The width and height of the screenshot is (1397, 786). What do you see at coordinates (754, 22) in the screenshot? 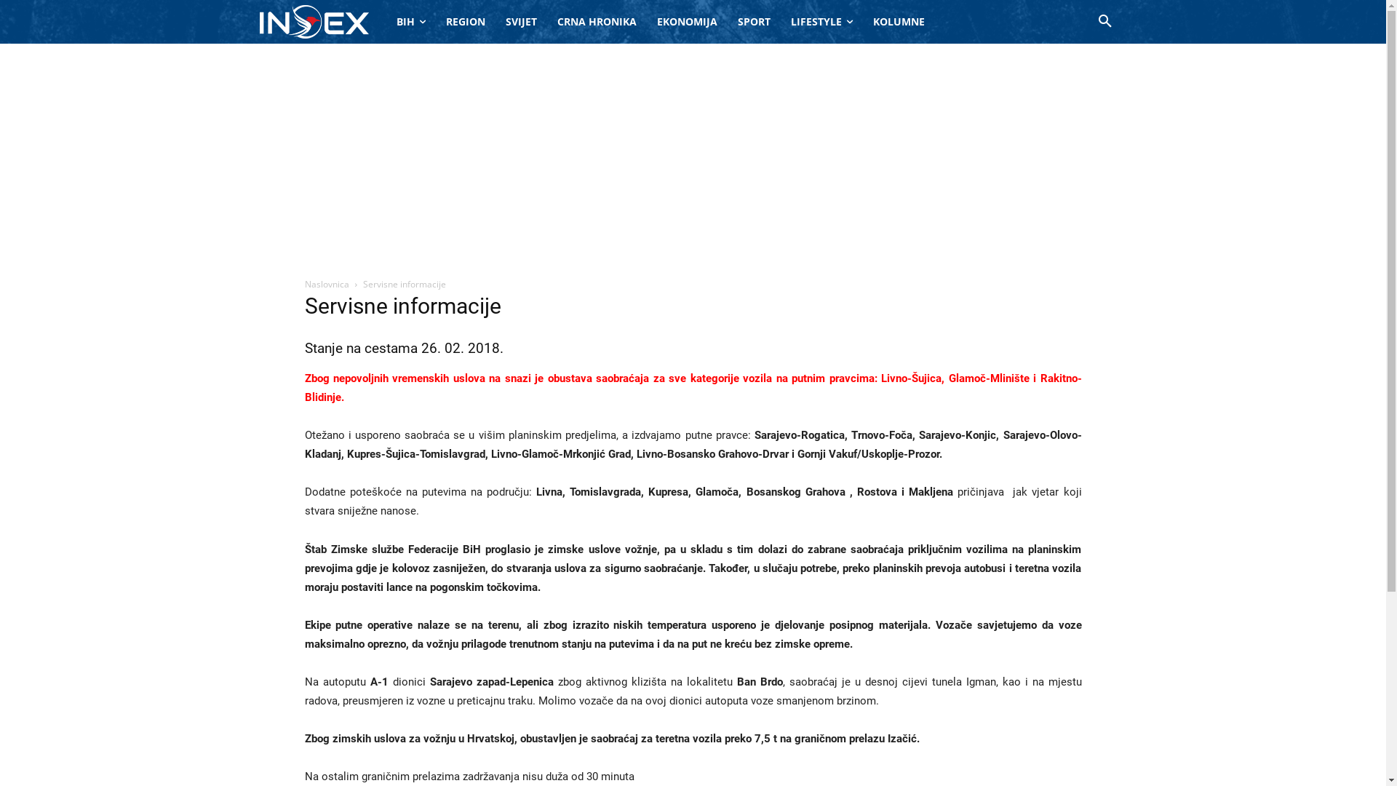
I see `'SPORT'` at bounding box center [754, 22].